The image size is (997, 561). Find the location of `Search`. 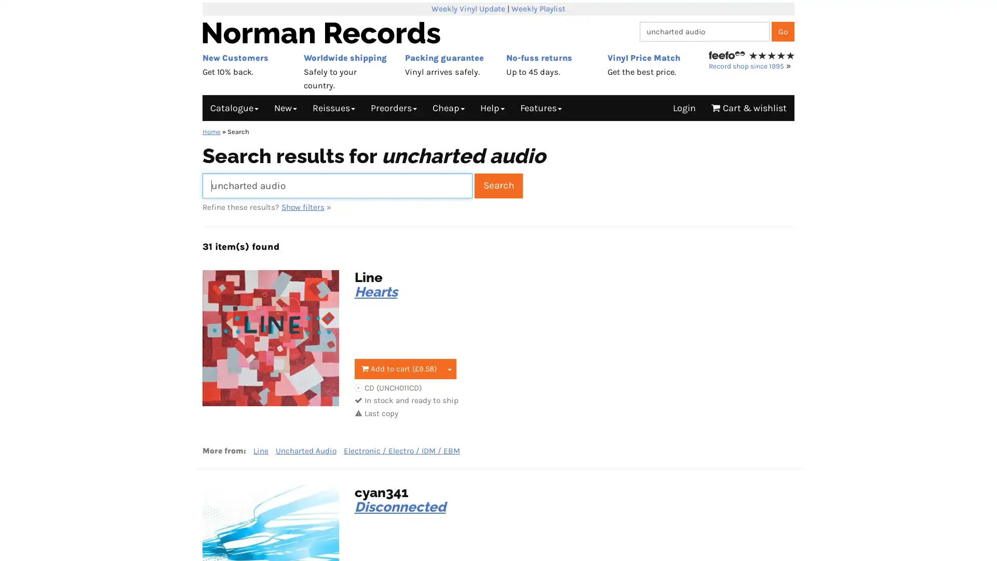

Search is located at coordinates (498, 185).